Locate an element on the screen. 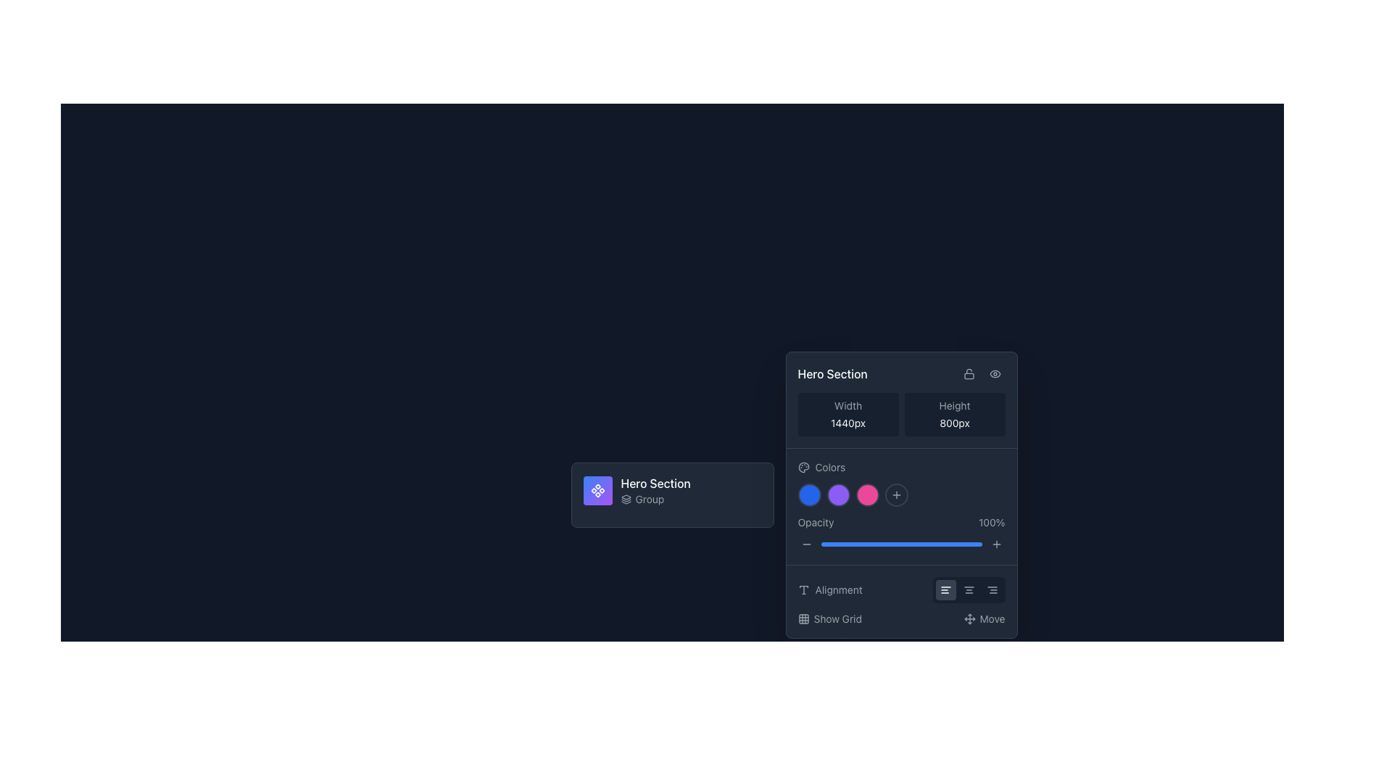  the color selector button located at the first position from the left in a row of four circular elements within the 'Colors' section of the panel is located at coordinates (808, 494).